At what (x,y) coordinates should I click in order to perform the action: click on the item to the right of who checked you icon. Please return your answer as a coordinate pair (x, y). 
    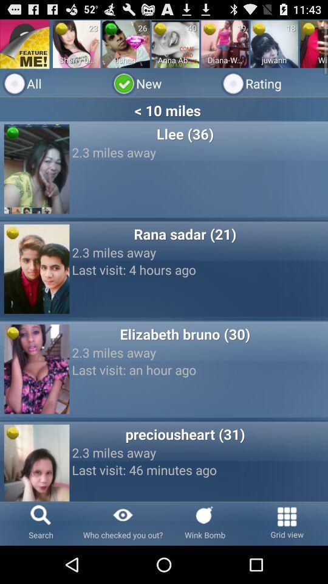
    Looking at the image, I should click on (205, 523).